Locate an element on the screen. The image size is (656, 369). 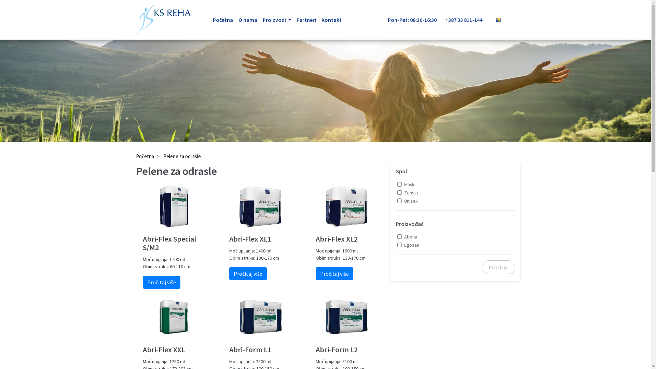
'Pon-Pet: 08:30-16:30' is located at coordinates (387, 19).